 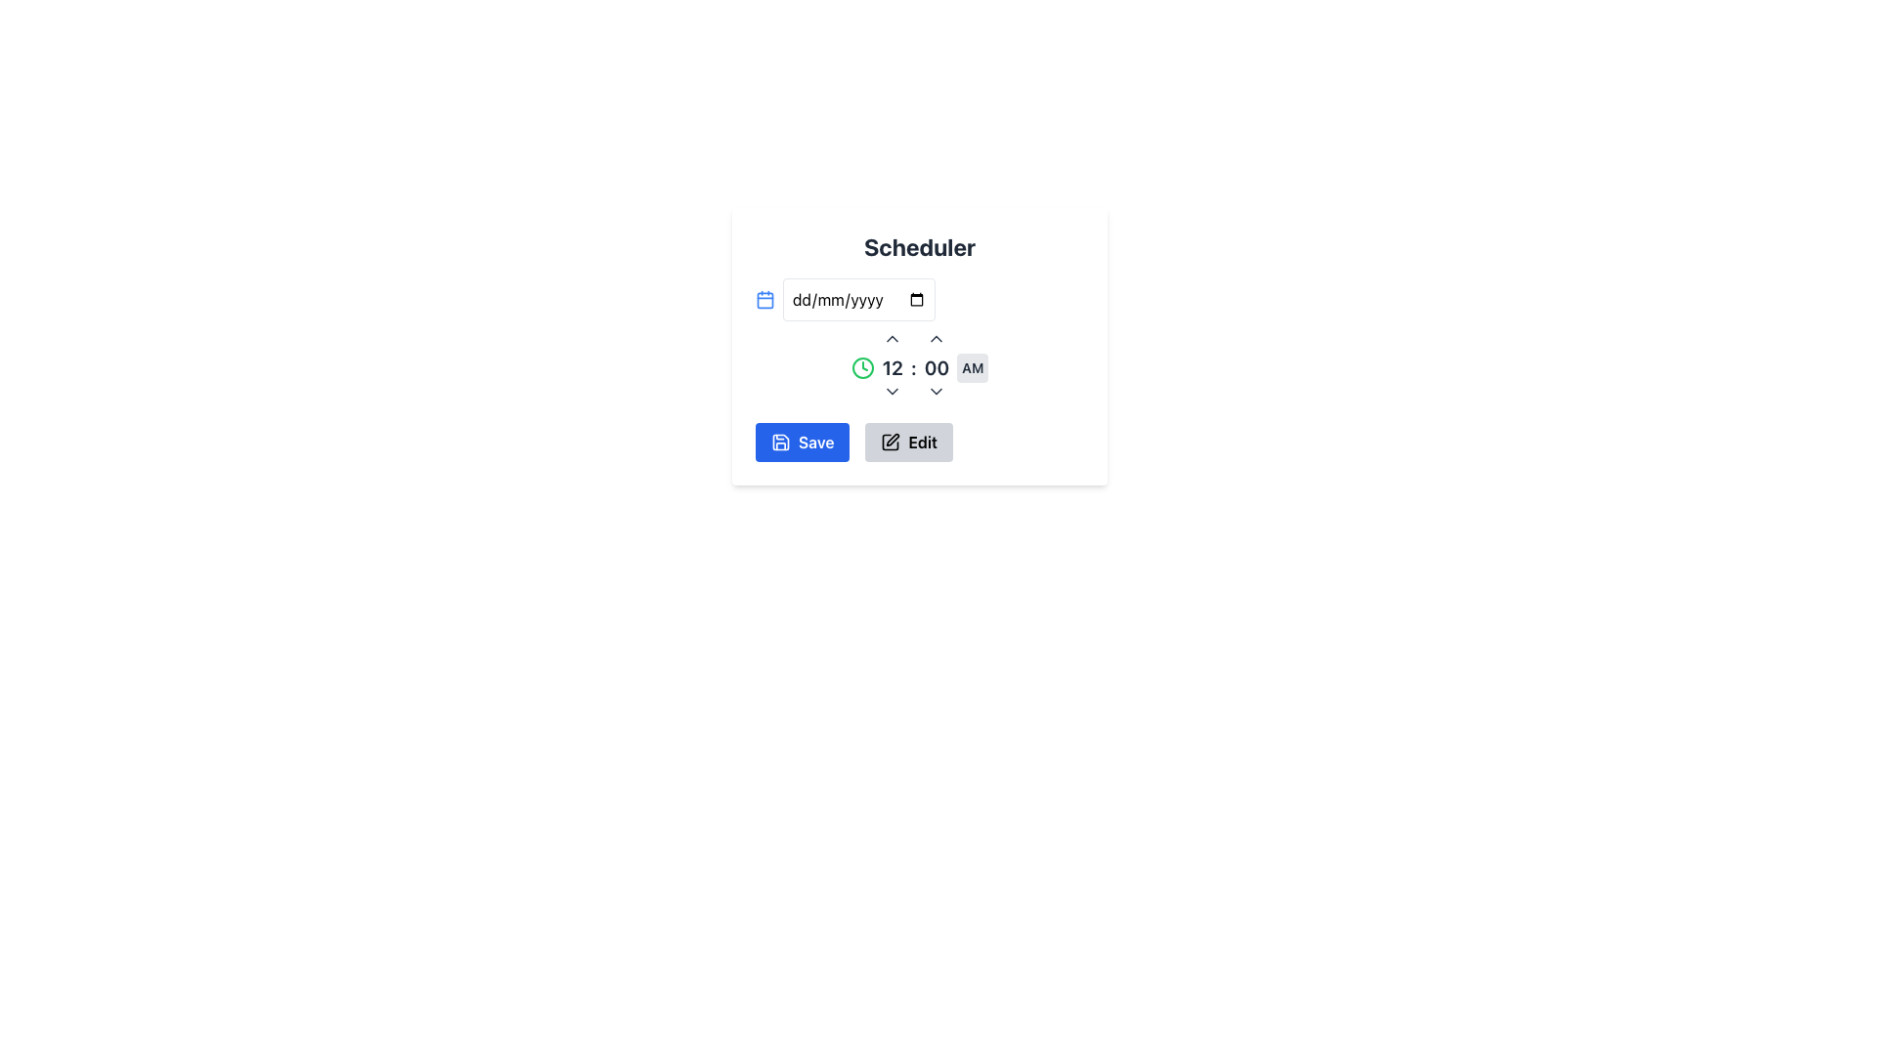 I want to click on the rectangular button labeled 'AM' with a light gray background and dark gray text, located at the rightmost side of the clock input layout, so click(x=973, y=368).